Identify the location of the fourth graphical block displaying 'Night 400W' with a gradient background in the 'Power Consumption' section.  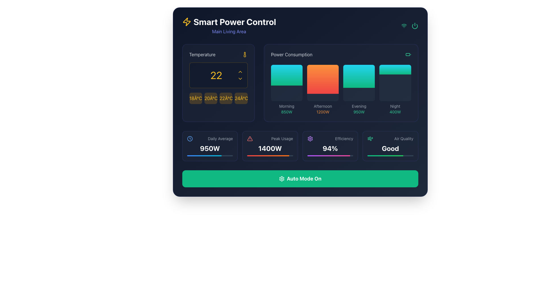
(395, 90).